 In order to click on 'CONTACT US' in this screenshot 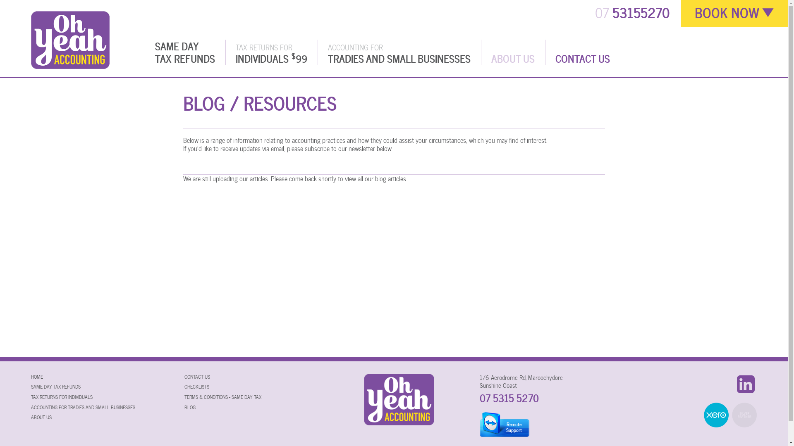, I will do `click(196, 376)`.